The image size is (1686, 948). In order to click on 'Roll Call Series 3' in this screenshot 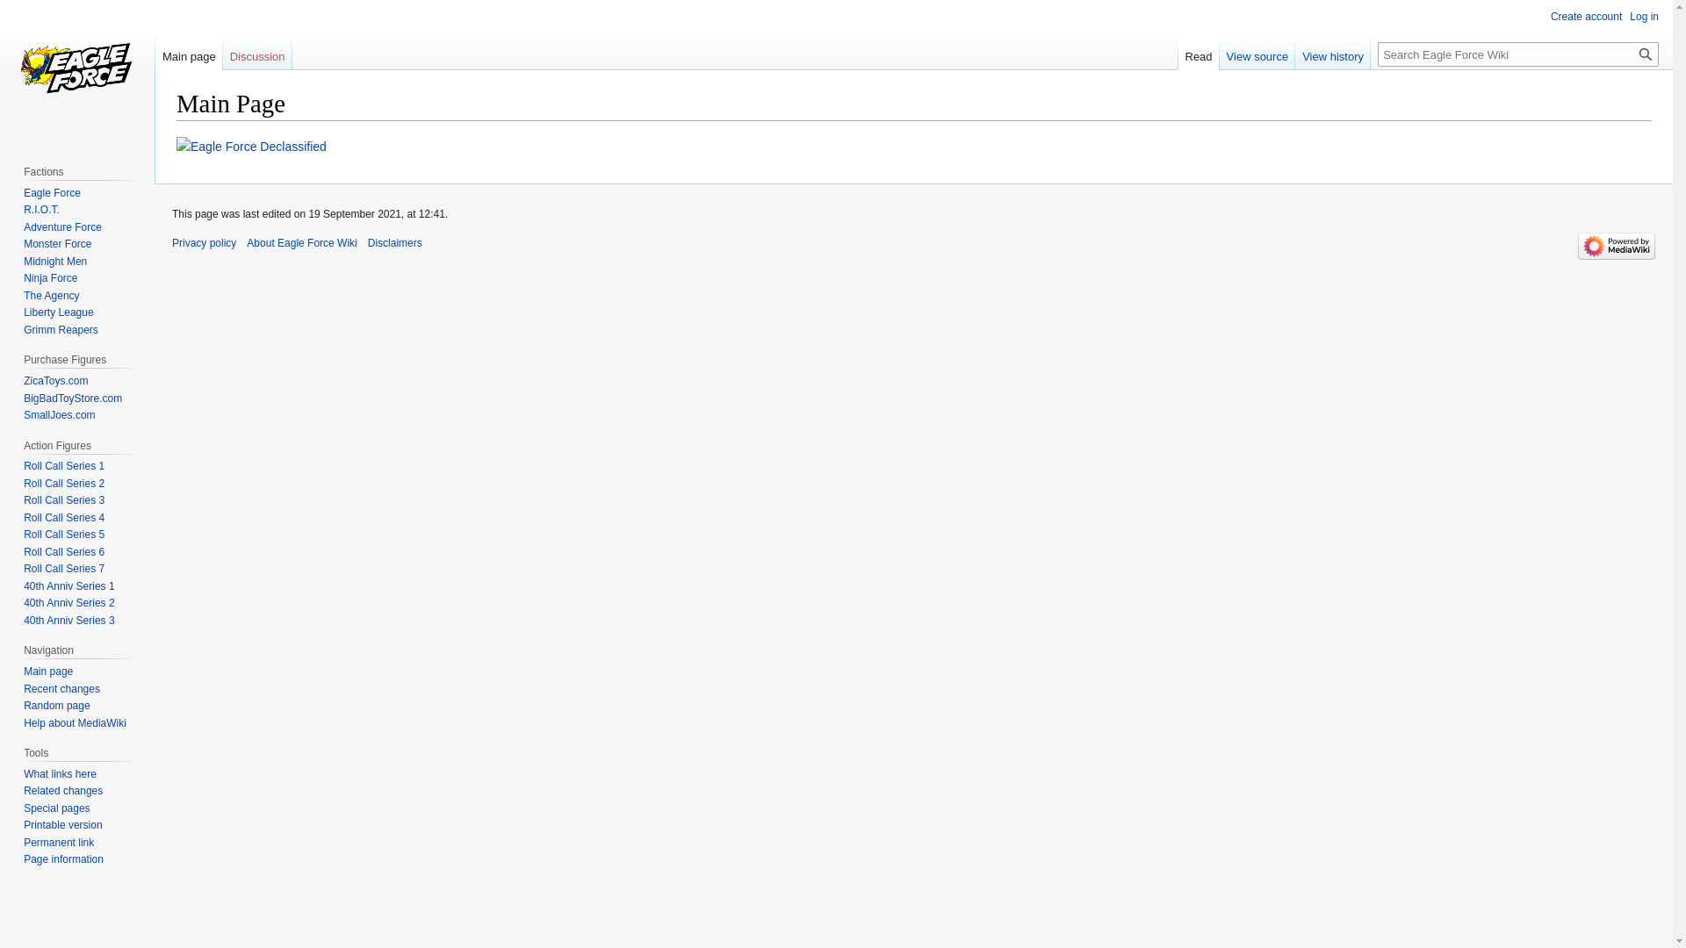, I will do `click(63, 500)`.